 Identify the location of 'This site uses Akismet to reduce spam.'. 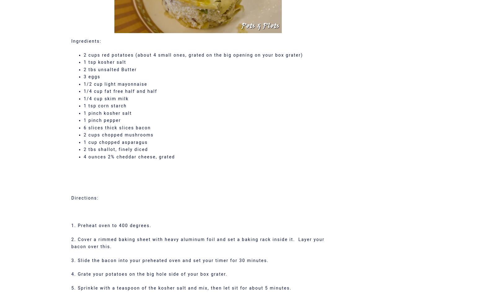
(122, 60).